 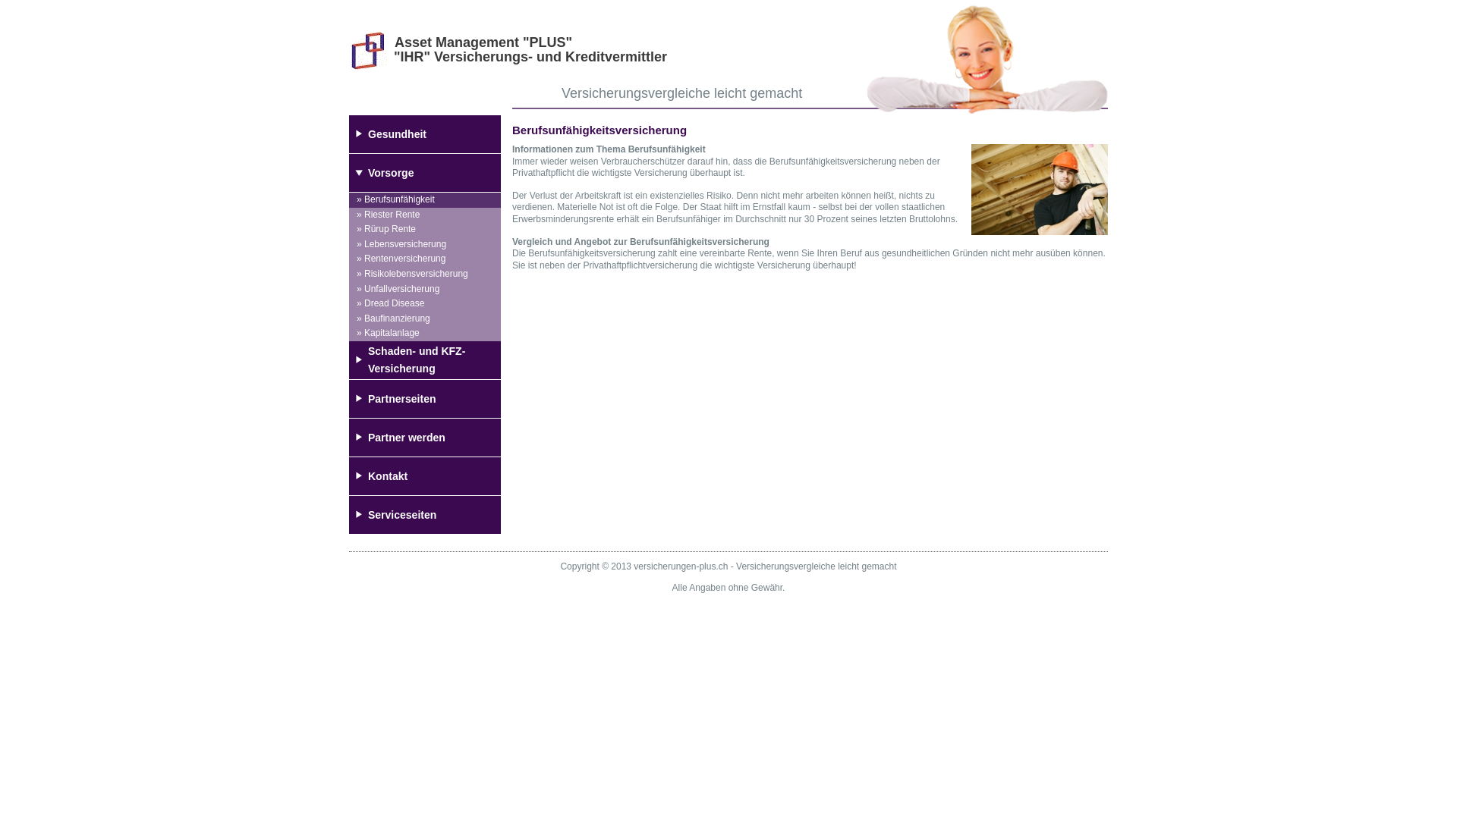 What do you see at coordinates (530, 55) in the screenshot?
I see `'"IHR" Versicherungs- und Kreditvermittler'` at bounding box center [530, 55].